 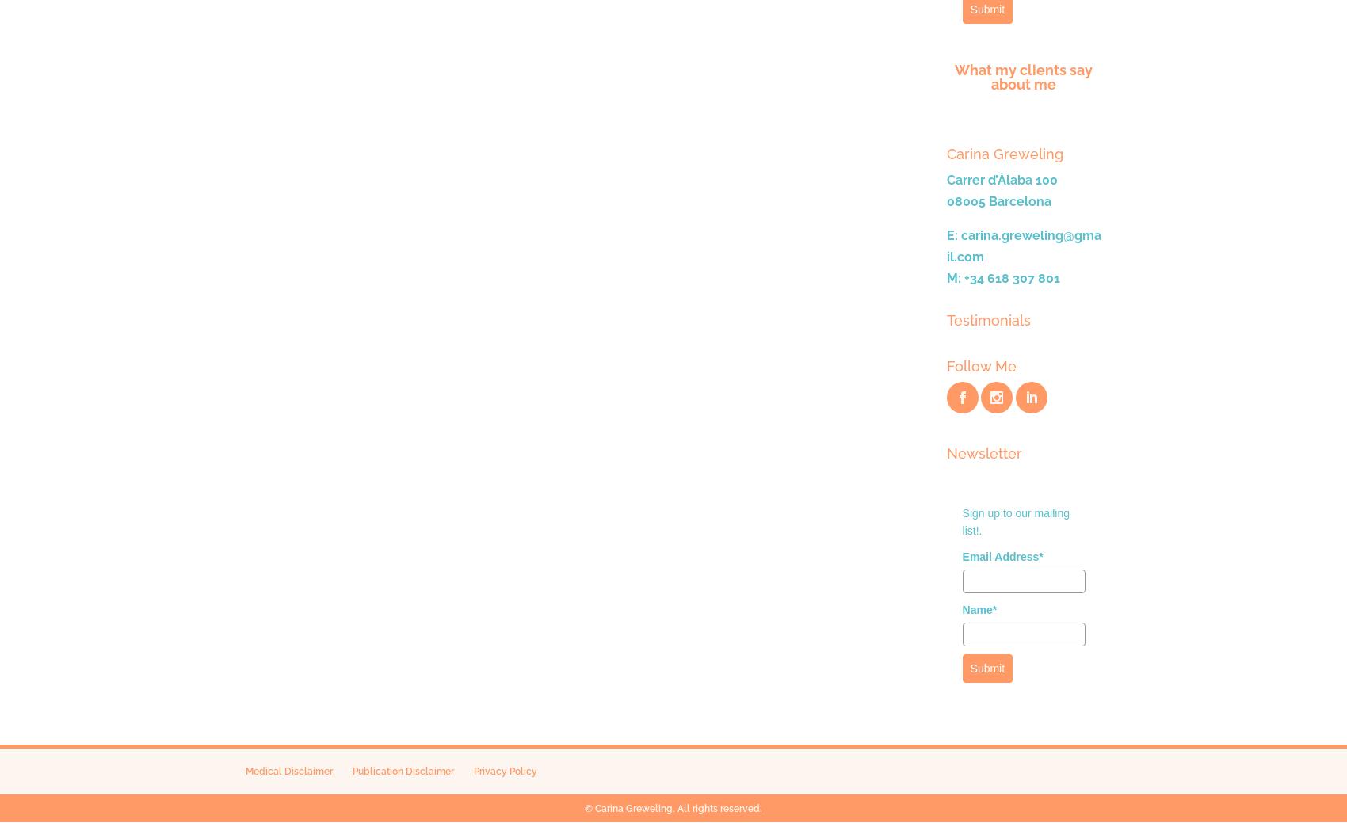 I want to click on 'Testimonials', so click(x=945, y=318).